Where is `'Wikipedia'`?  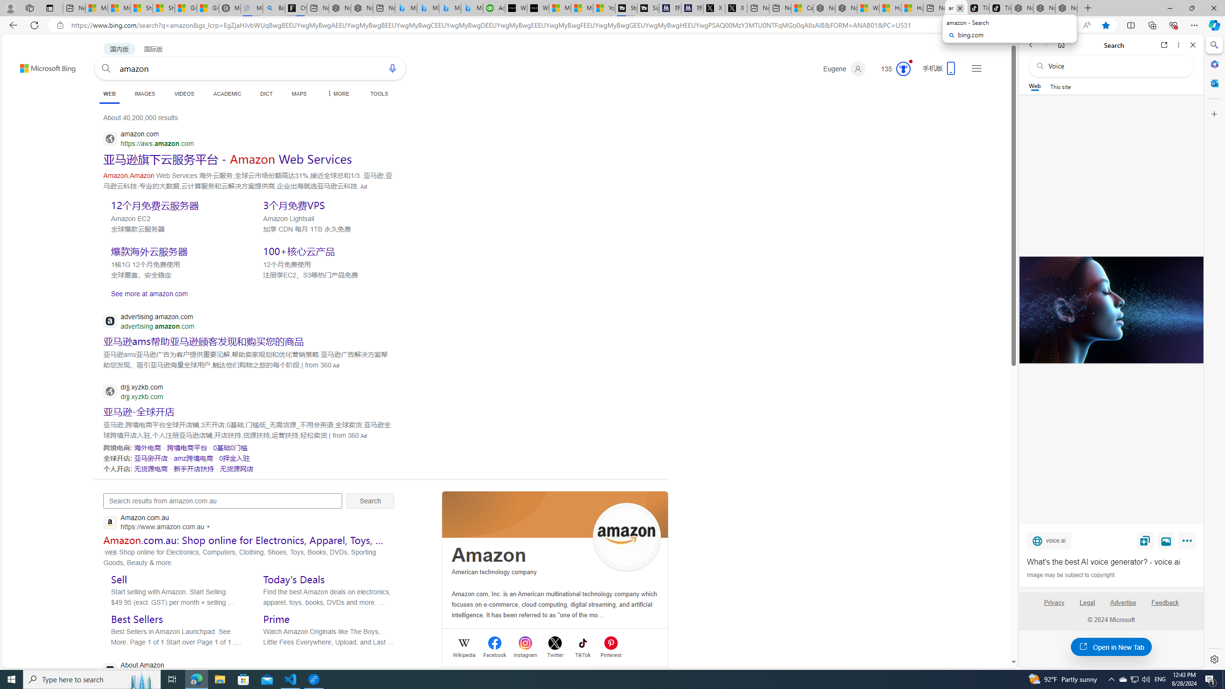 'Wikipedia' is located at coordinates (464, 654).